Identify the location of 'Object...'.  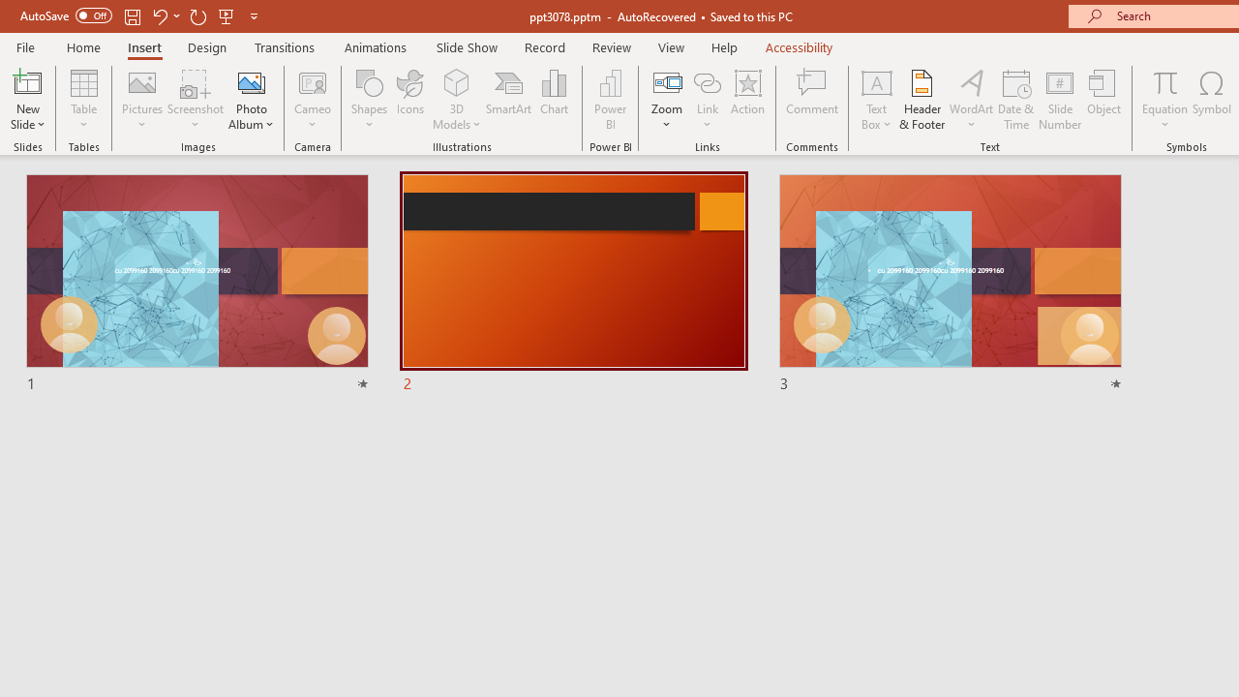
(1104, 100).